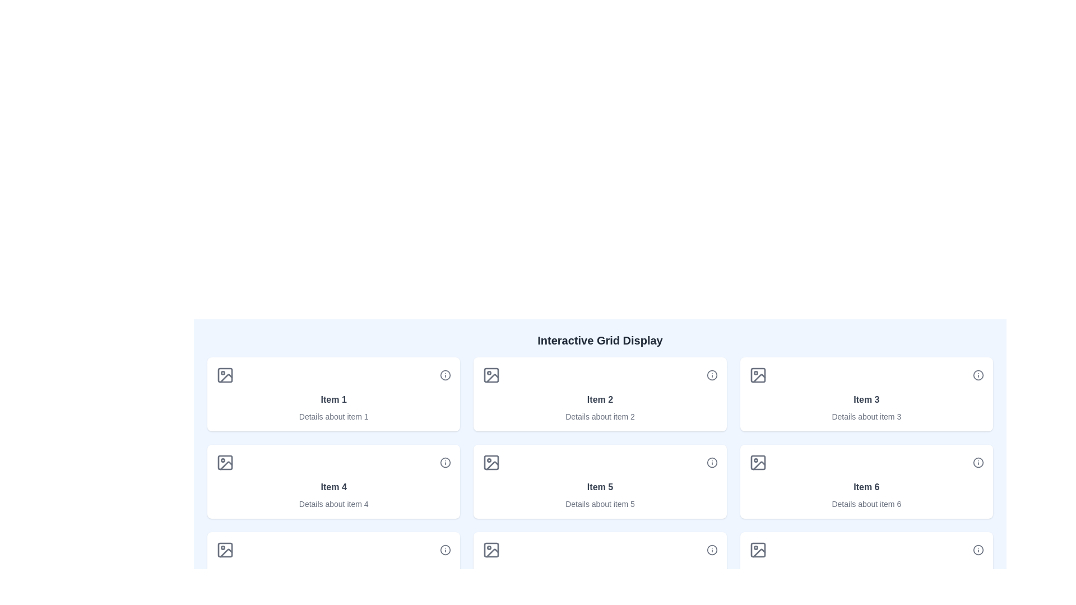 This screenshot has height=605, width=1076. Describe the element at coordinates (599, 487) in the screenshot. I see `the text label 'Item 5', which is bold and medium-gray, located in the second row of a grid layout, above the descriptive text 'Details about item 5'` at that location.